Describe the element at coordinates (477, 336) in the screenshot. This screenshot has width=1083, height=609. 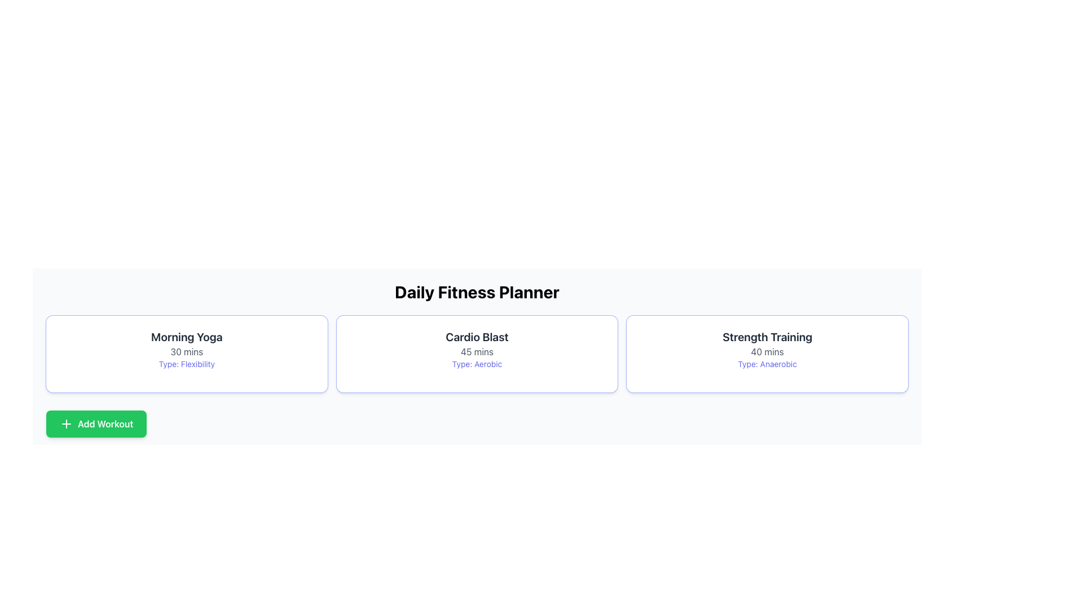
I see `the Text Label displaying 'Cardio Blast'` at that location.